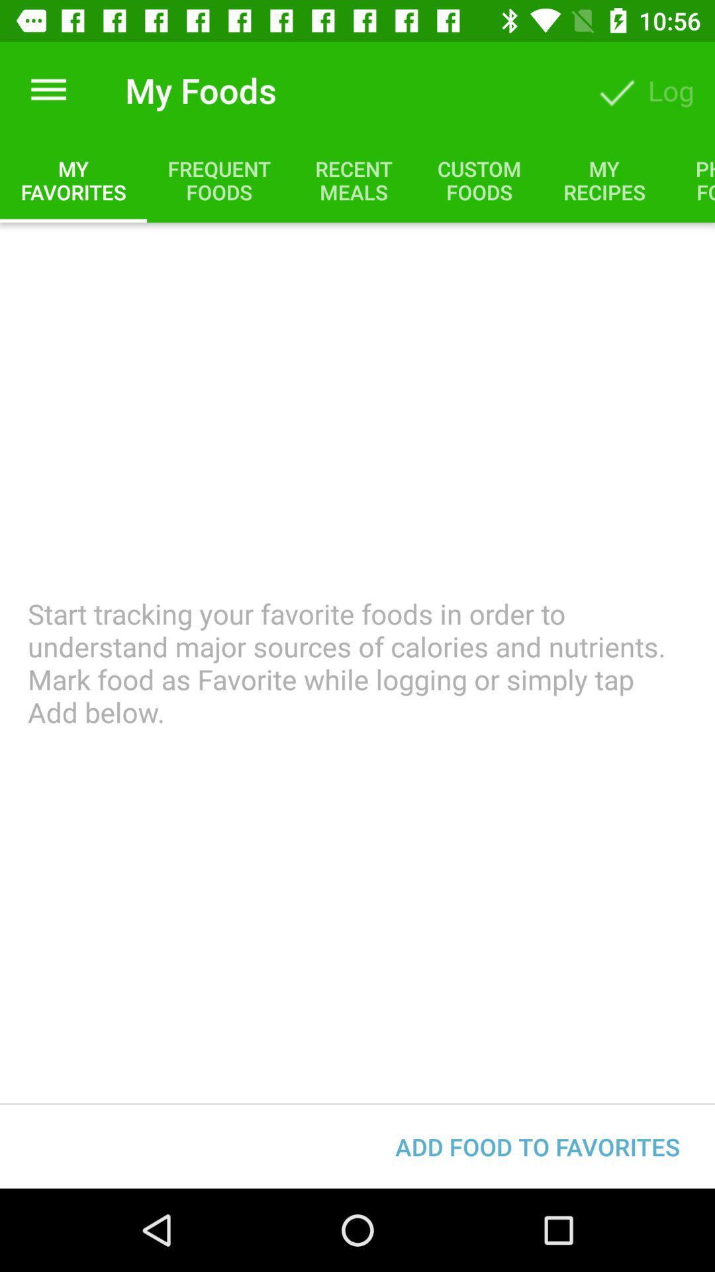 The height and width of the screenshot is (1272, 715). I want to click on the icon to the left of my foods, so click(48, 89).